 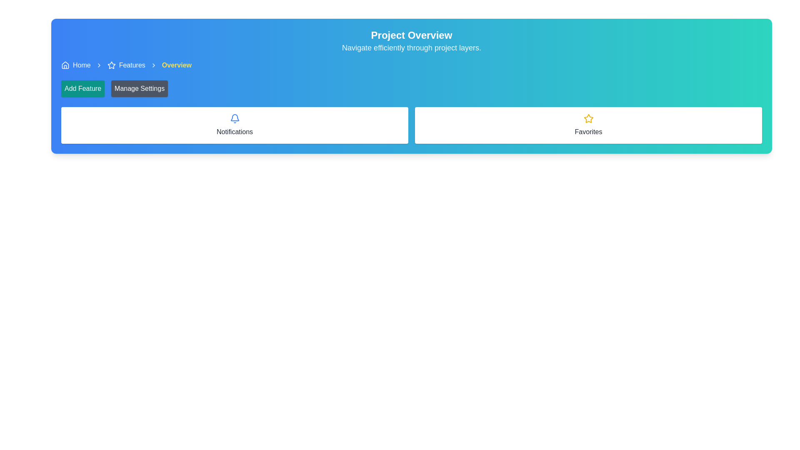 What do you see at coordinates (587, 118) in the screenshot?
I see `the star icon in the 'Favorites' section to mark it as a favorite` at bounding box center [587, 118].